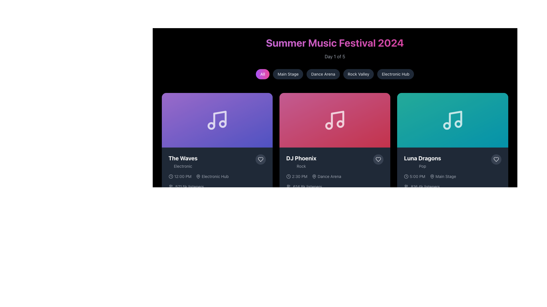 Image resolution: width=547 pixels, height=307 pixels. Describe the element at coordinates (496, 159) in the screenshot. I see `the heart-shaped icon button with a dark grey background, located on the far right side of the 'Luna Dragons' item` at that location.